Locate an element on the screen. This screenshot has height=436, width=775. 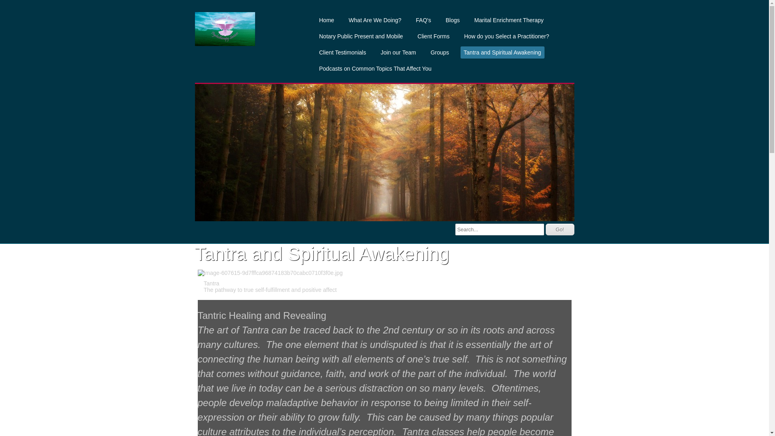
'Client Forms' is located at coordinates (433, 36).